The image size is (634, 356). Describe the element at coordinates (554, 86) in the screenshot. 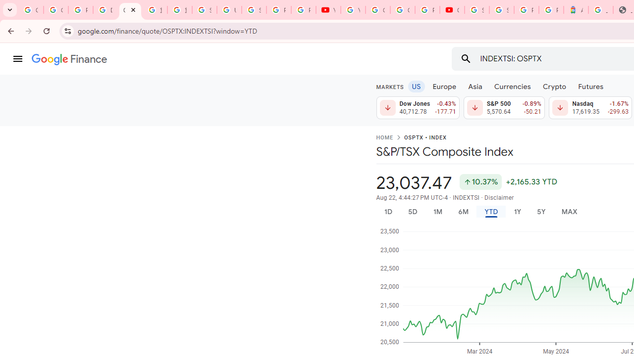

I see `'Crypto'` at that location.